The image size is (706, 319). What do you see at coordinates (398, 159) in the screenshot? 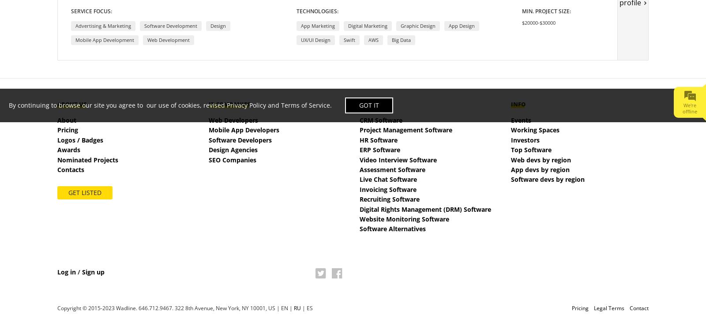
I see `'Video Interview Software'` at bounding box center [398, 159].